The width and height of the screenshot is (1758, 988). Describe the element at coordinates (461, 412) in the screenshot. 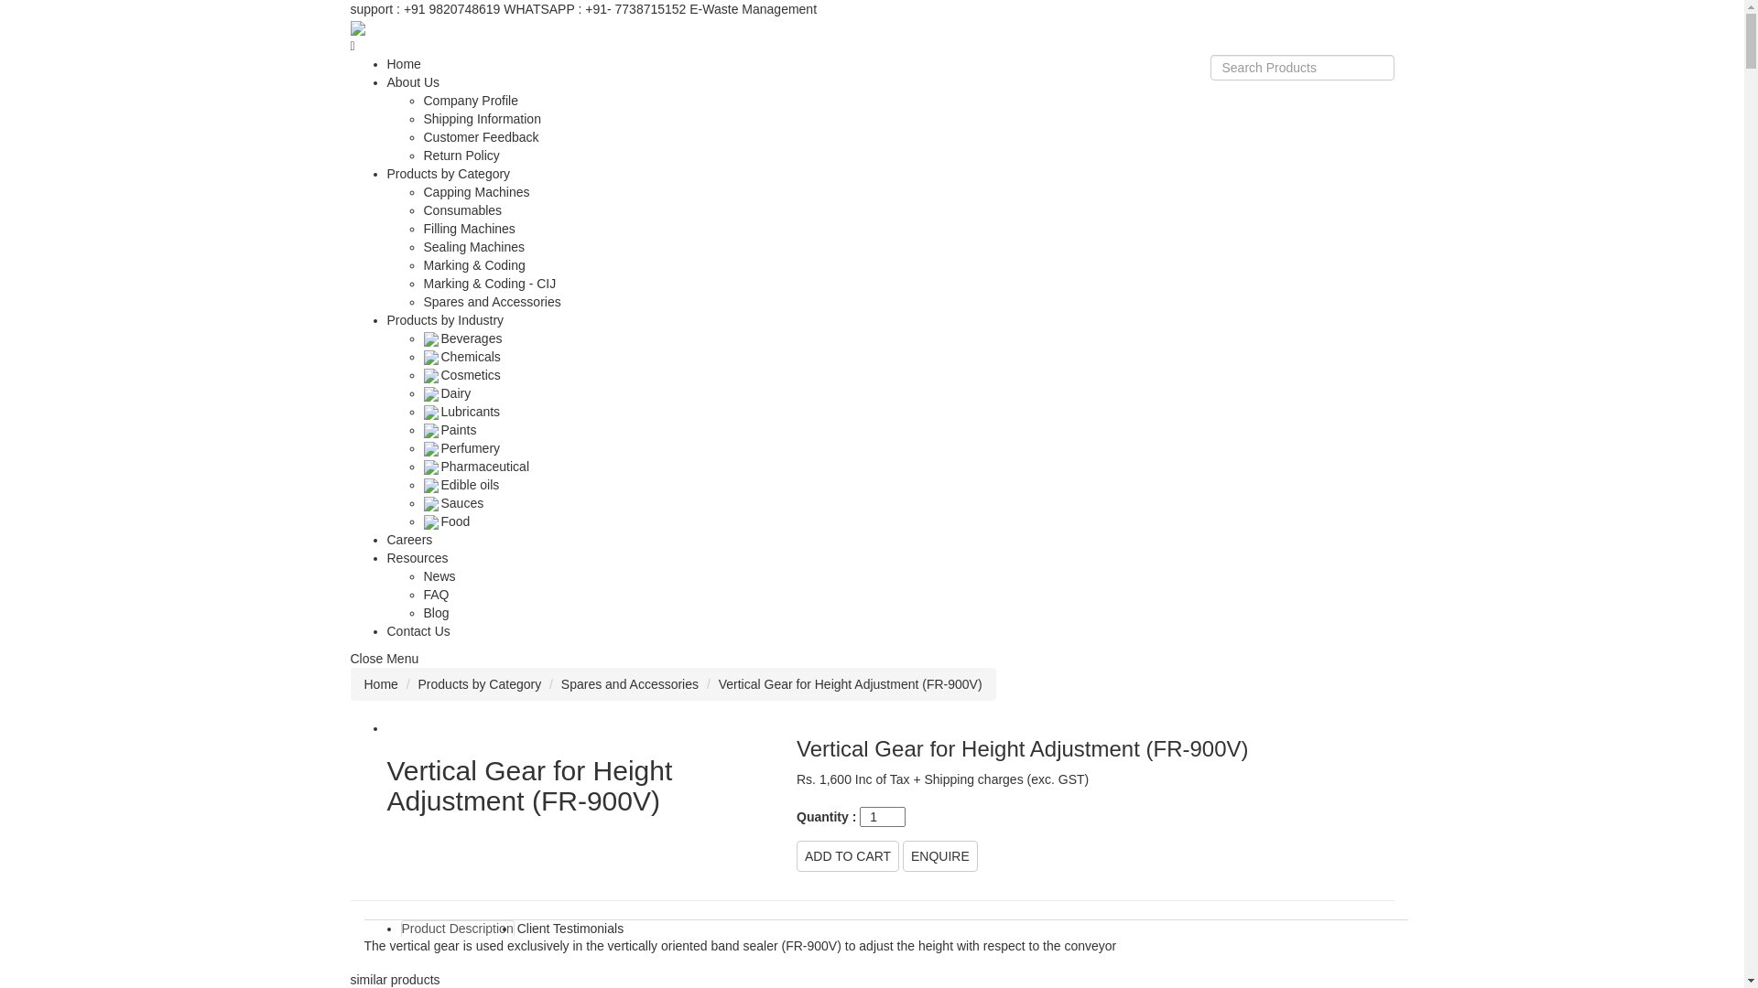

I see `'Lubricants'` at that location.